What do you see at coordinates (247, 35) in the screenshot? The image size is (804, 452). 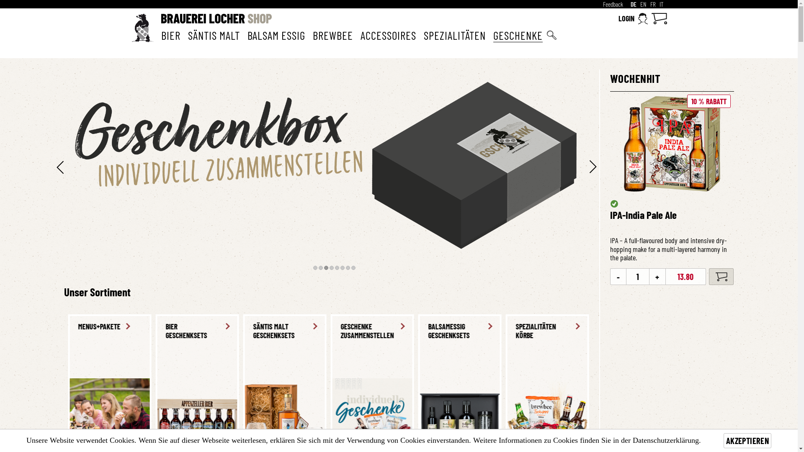 I see `'BALSAM ESSIG'` at bounding box center [247, 35].